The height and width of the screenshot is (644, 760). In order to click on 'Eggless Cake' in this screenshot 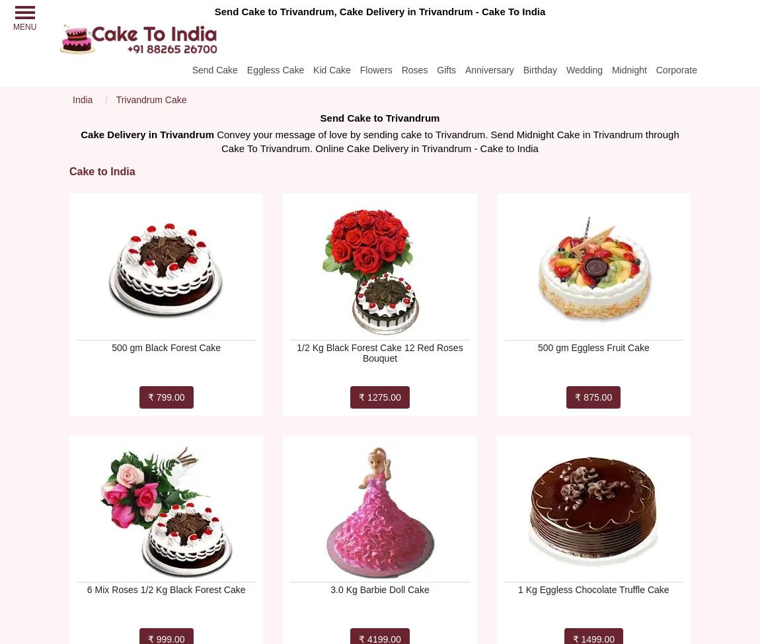, I will do `click(275, 69)`.